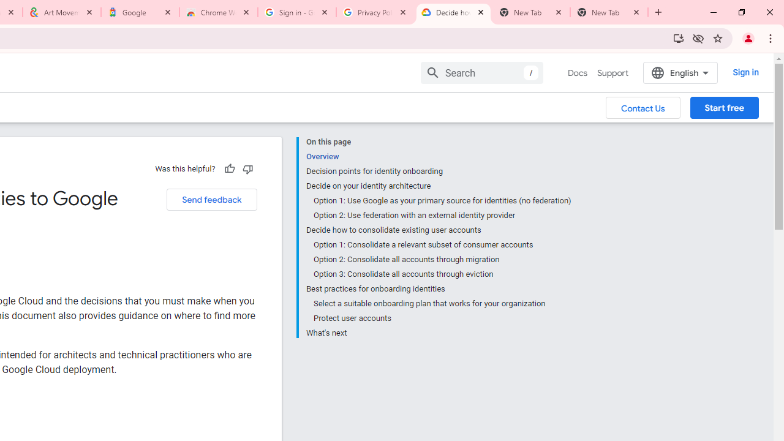 This screenshot has height=441, width=784. Describe the element at coordinates (297, 12) in the screenshot. I see `'Sign in - Google Accounts'` at that location.